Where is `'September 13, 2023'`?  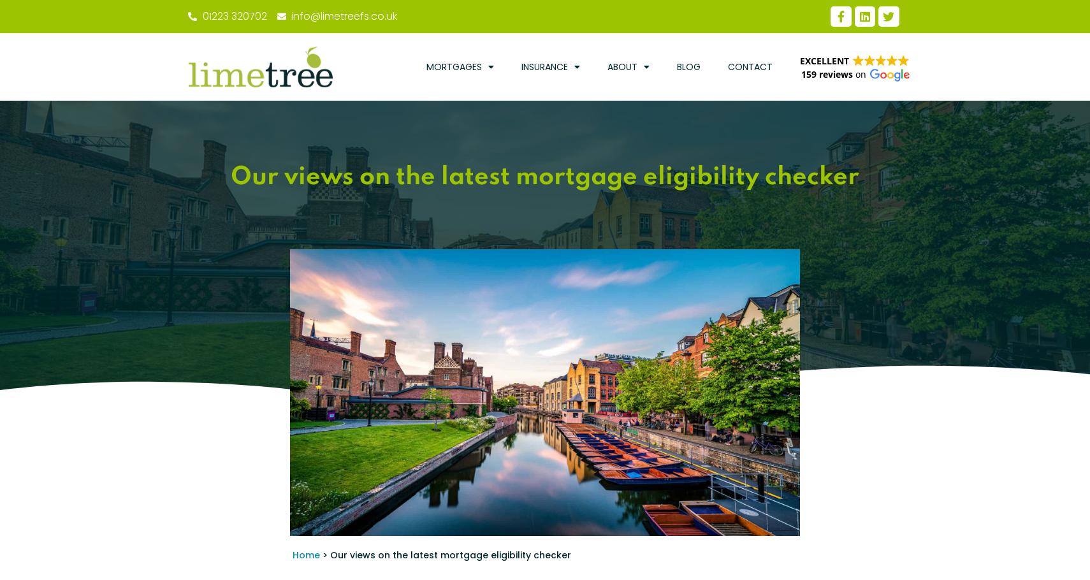 'September 13, 2023' is located at coordinates (750, 538).